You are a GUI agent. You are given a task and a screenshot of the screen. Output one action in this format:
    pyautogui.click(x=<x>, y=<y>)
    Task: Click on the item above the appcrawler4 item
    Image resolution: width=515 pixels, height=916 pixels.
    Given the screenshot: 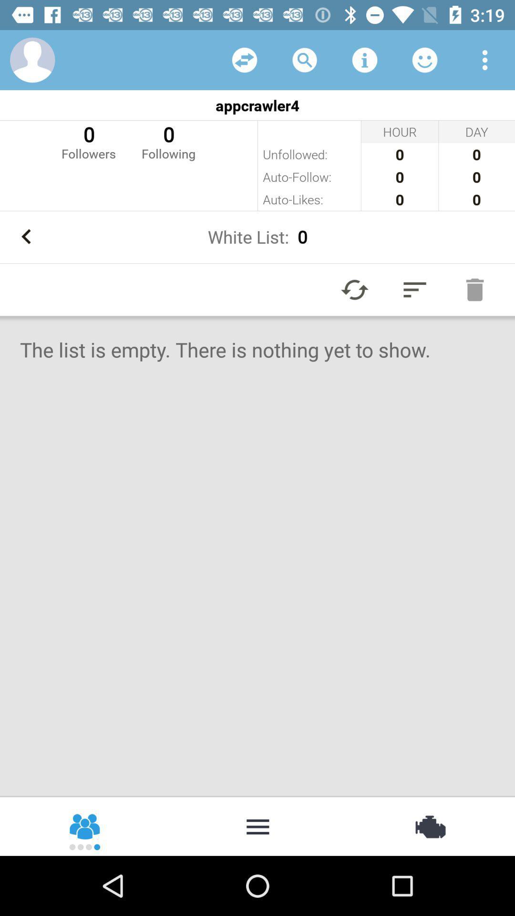 What is the action you would take?
    pyautogui.click(x=364, y=59)
    